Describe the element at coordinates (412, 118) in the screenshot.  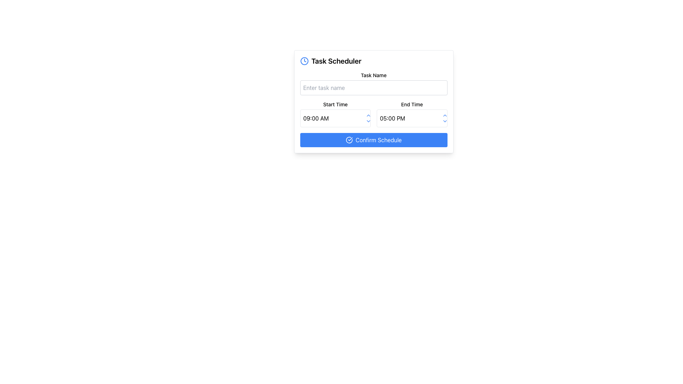
I see `the arrow icons of the time picker located in the 'End Time' field of the 'Task Scheduler' form to increment or decrement the time` at that location.